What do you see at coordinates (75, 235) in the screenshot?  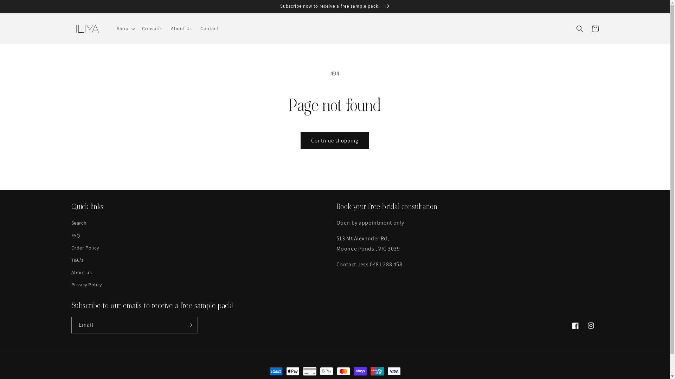 I see `'FAQ'` at bounding box center [75, 235].